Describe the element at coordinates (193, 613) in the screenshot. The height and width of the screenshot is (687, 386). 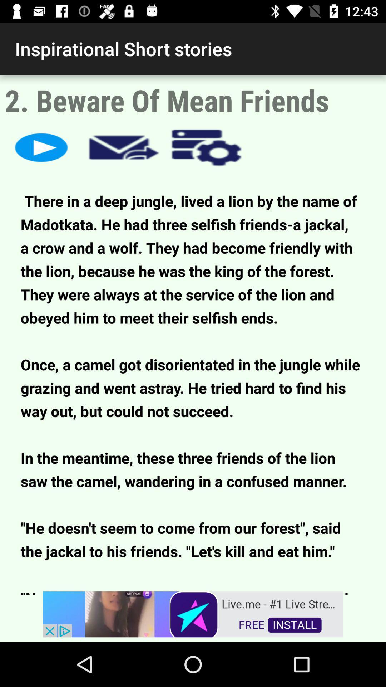
I see `advertisement page` at that location.